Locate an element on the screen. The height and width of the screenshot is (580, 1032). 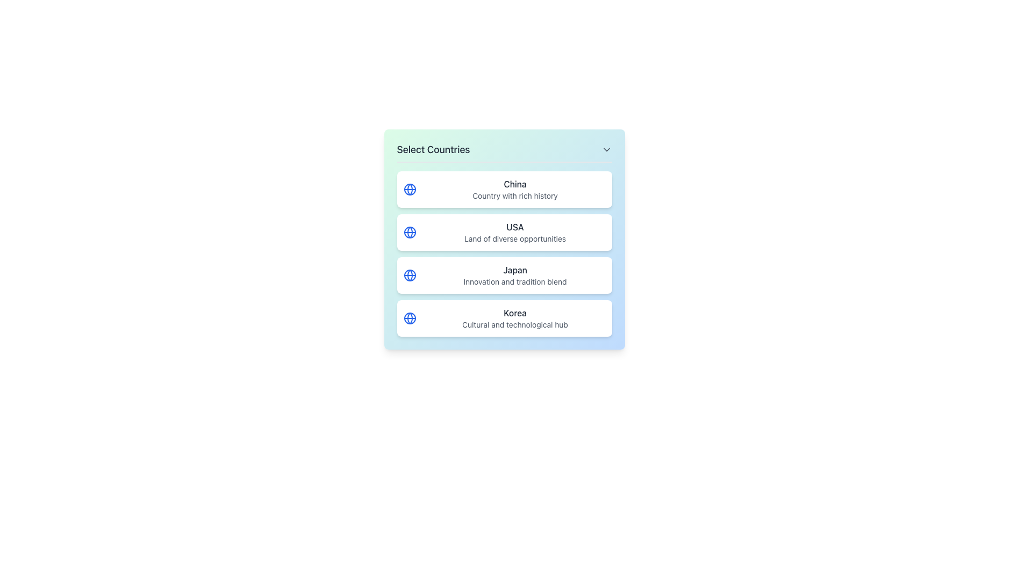
the selectable list item for the country 'USA' is located at coordinates (514, 231).